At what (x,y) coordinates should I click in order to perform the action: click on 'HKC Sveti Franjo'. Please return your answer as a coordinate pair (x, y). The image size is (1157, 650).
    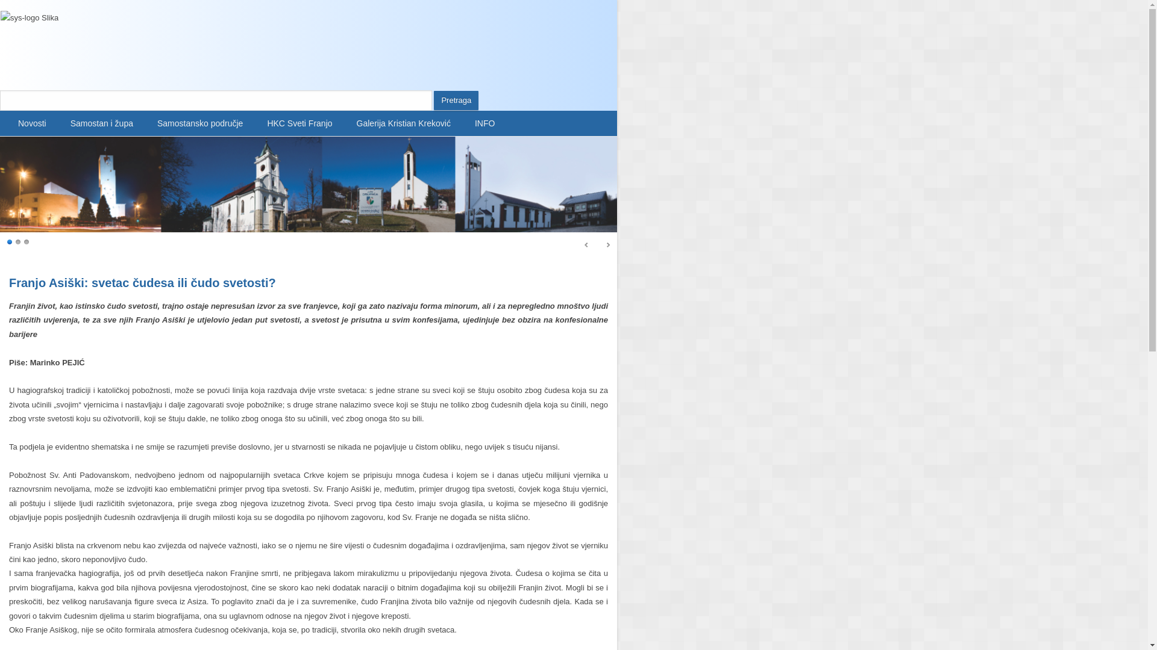
    Looking at the image, I should click on (299, 123).